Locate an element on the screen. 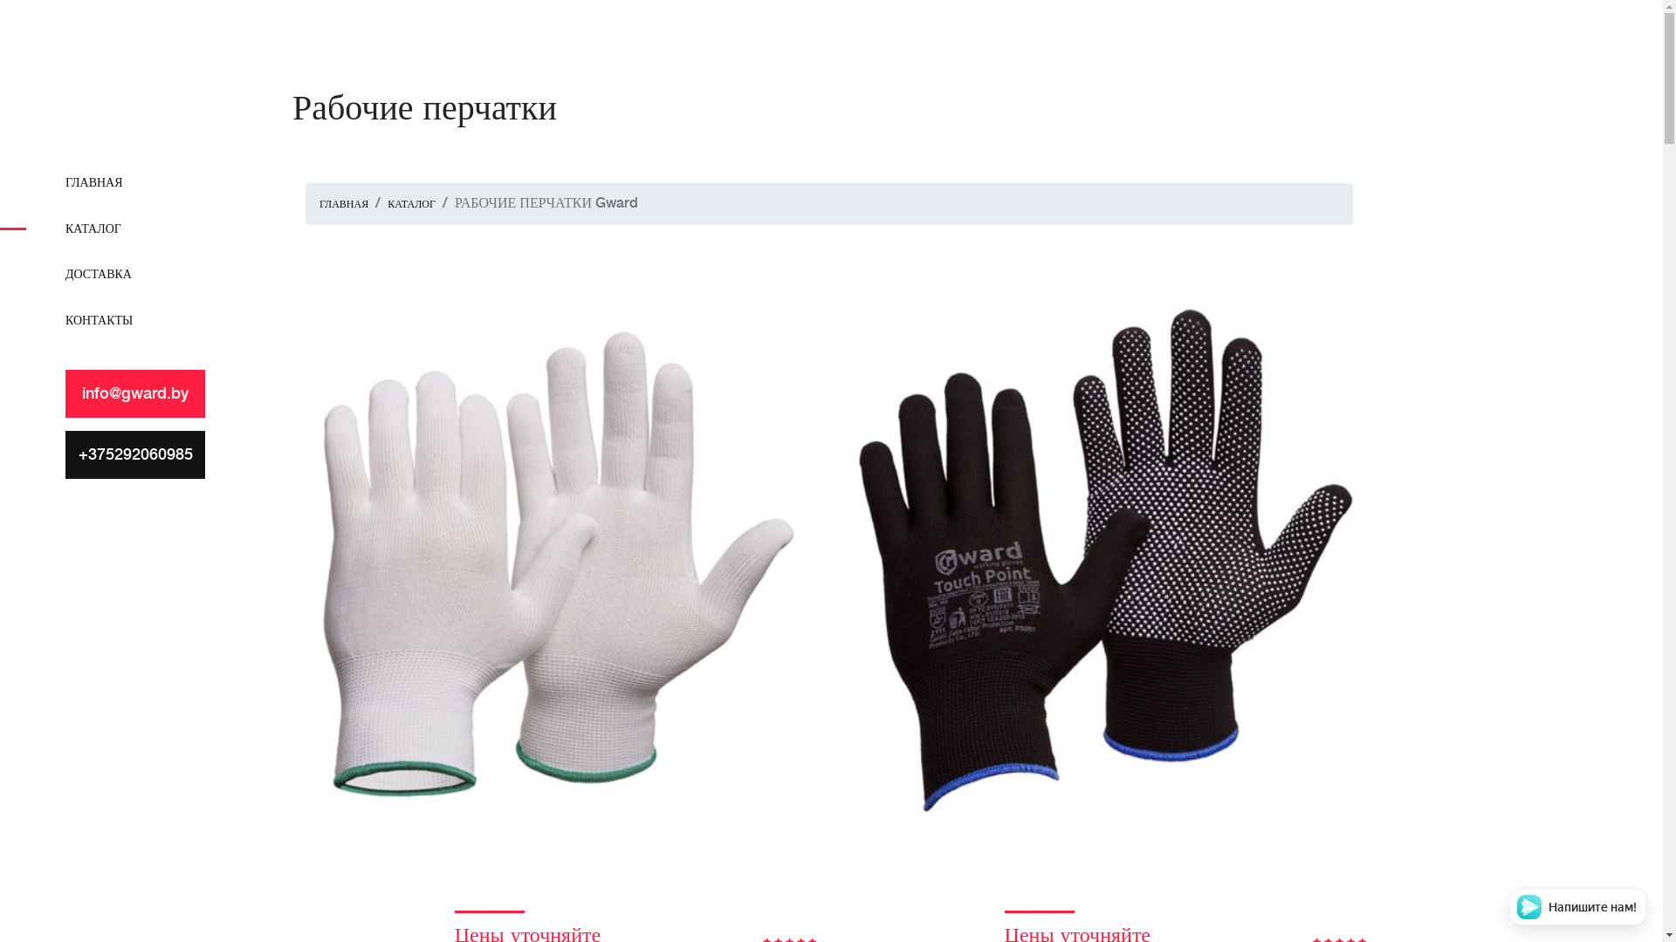  '+375292060985' is located at coordinates (134, 454).